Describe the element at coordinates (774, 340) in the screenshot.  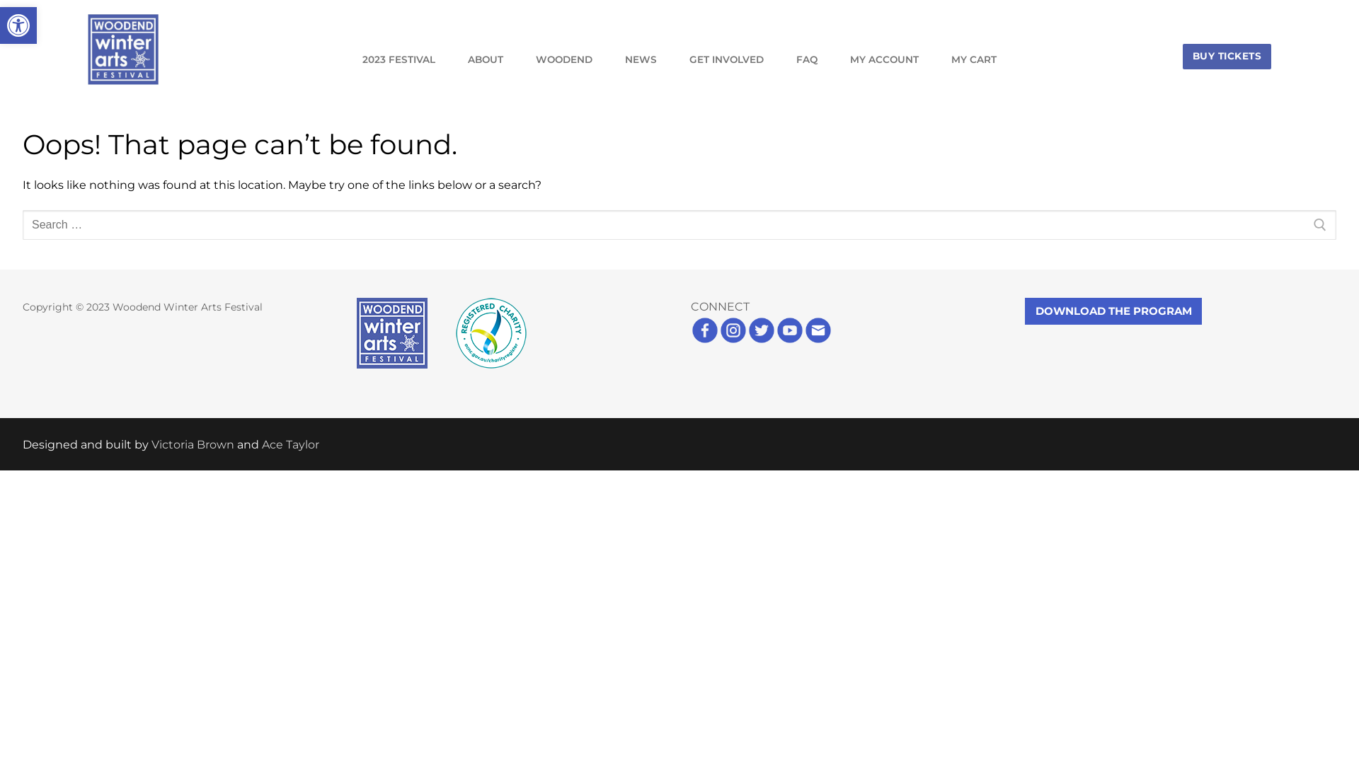
I see `'Youtube'` at that location.